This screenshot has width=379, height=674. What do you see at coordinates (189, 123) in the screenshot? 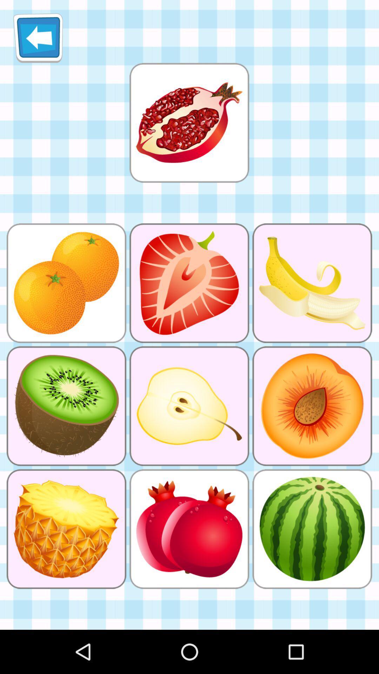
I see `fruit` at bounding box center [189, 123].